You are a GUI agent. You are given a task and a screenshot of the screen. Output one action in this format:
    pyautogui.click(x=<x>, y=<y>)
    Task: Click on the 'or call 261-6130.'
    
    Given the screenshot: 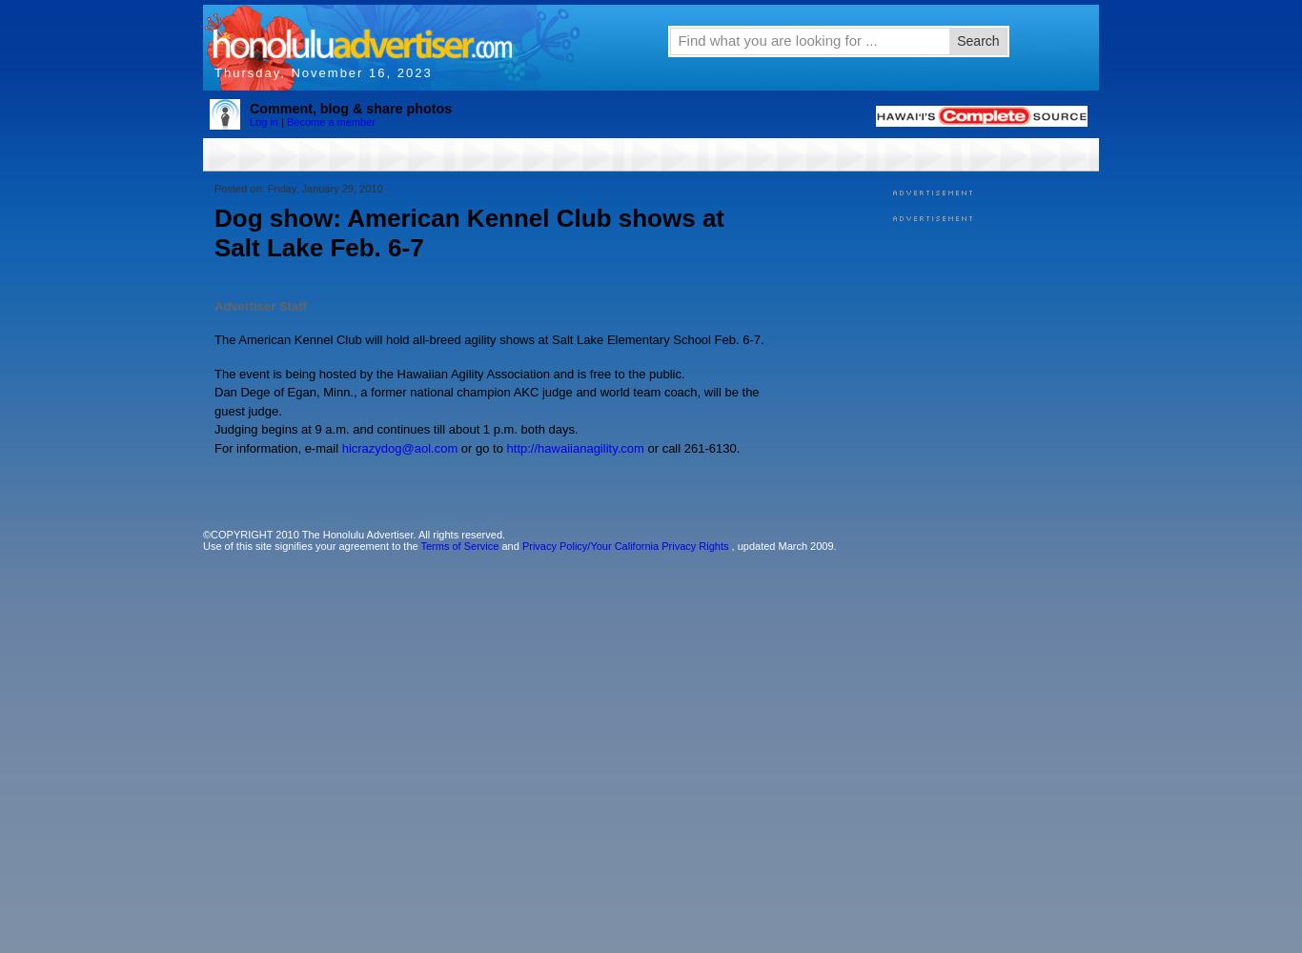 What is the action you would take?
    pyautogui.click(x=691, y=446)
    